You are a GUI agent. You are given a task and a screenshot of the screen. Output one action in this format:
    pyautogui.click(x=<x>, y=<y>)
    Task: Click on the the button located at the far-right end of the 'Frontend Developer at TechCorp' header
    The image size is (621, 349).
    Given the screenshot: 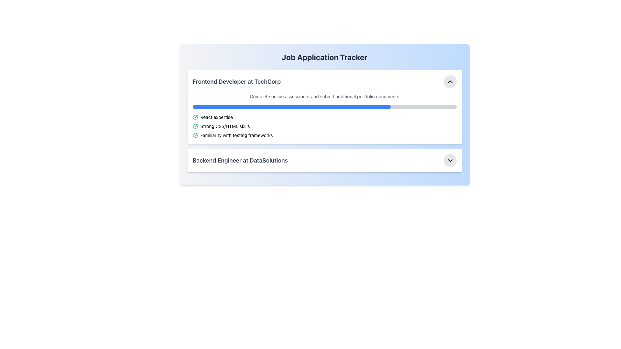 What is the action you would take?
    pyautogui.click(x=450, y=81)
    